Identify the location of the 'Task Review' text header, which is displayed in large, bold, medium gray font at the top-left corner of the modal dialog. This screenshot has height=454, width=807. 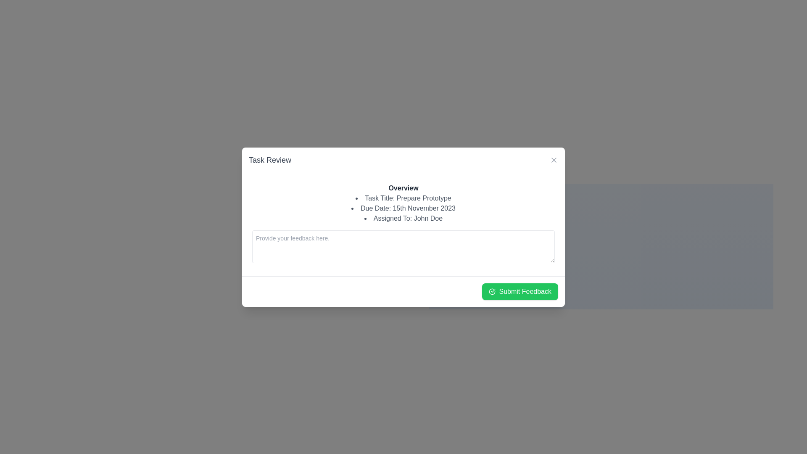
(270, 160).